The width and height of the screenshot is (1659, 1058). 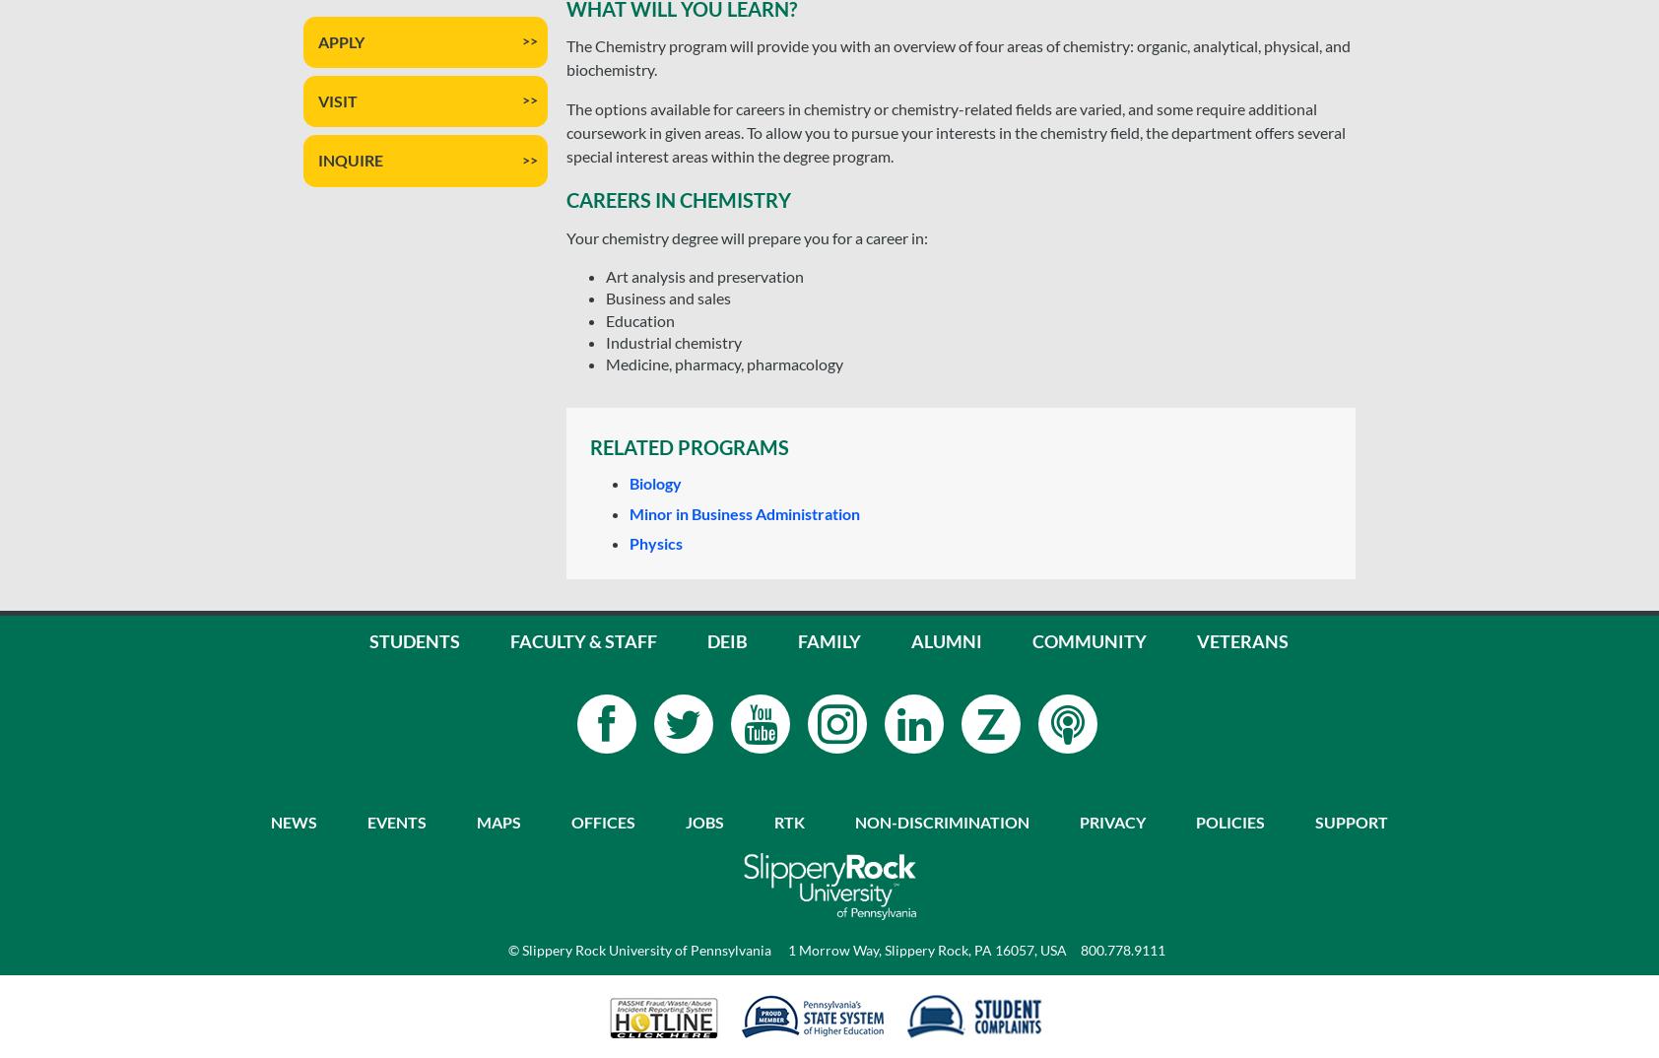 What do you see at coordinates (1111, 821) in the screenshot?
I see `'Privacy'` at bounding box center [1111, 821].